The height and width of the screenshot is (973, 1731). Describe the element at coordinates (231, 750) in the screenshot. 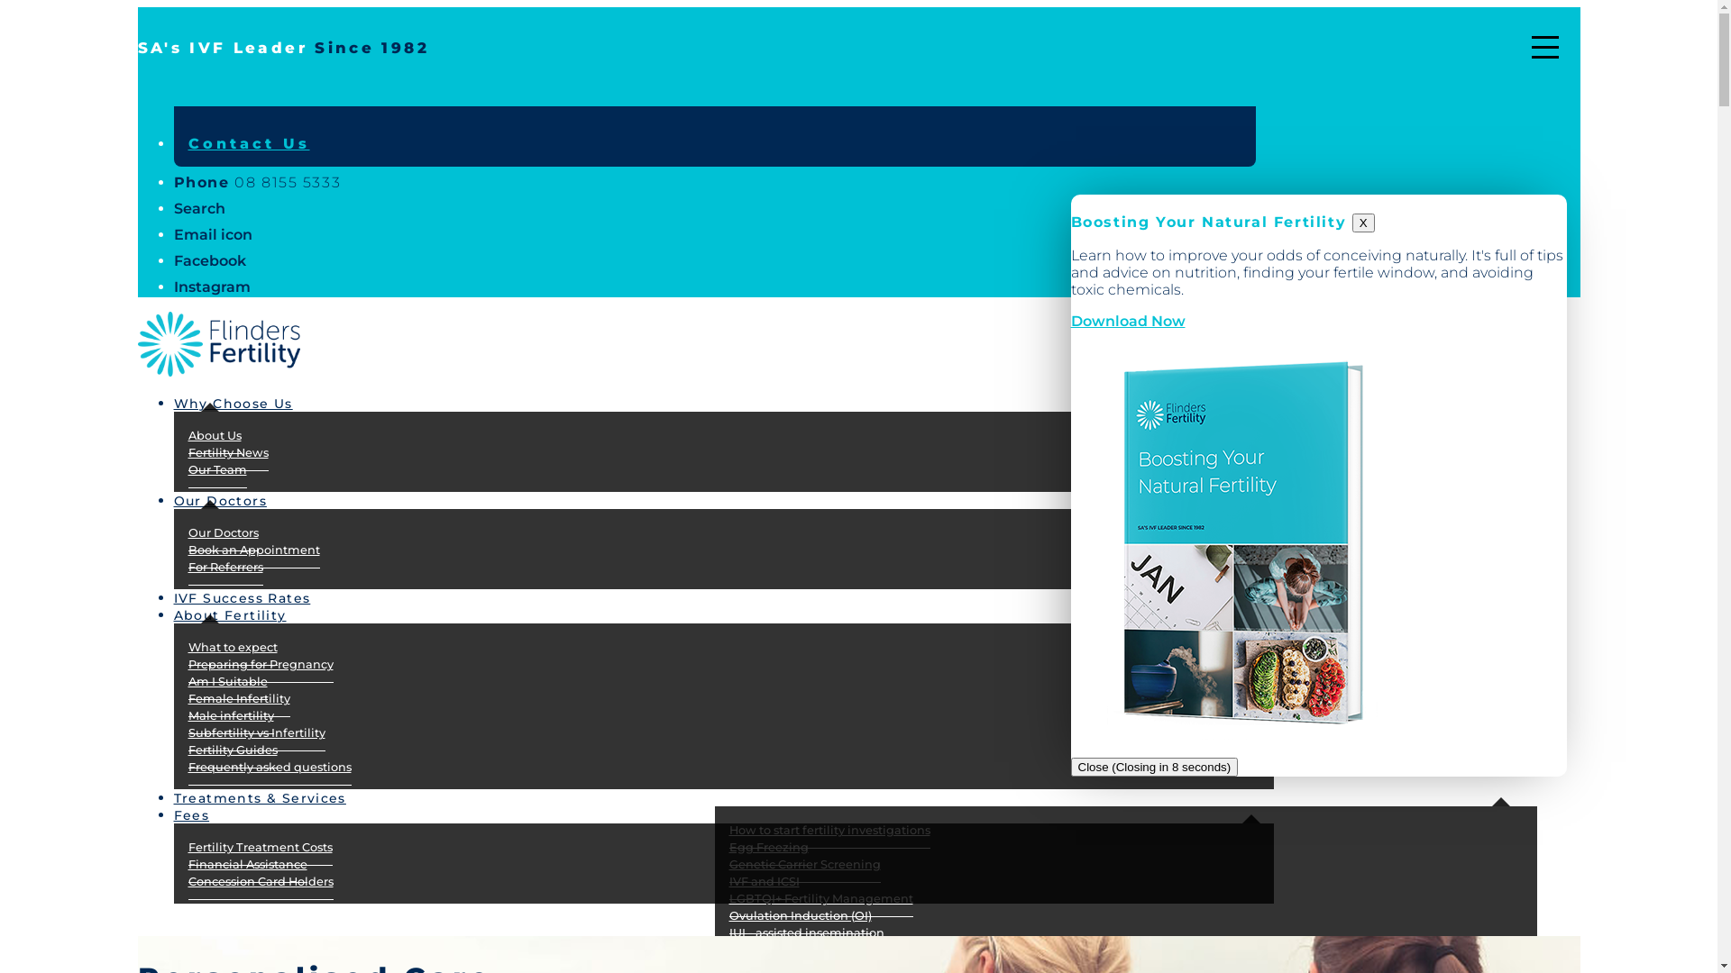

I see `'Fertility Guides'` at that location.